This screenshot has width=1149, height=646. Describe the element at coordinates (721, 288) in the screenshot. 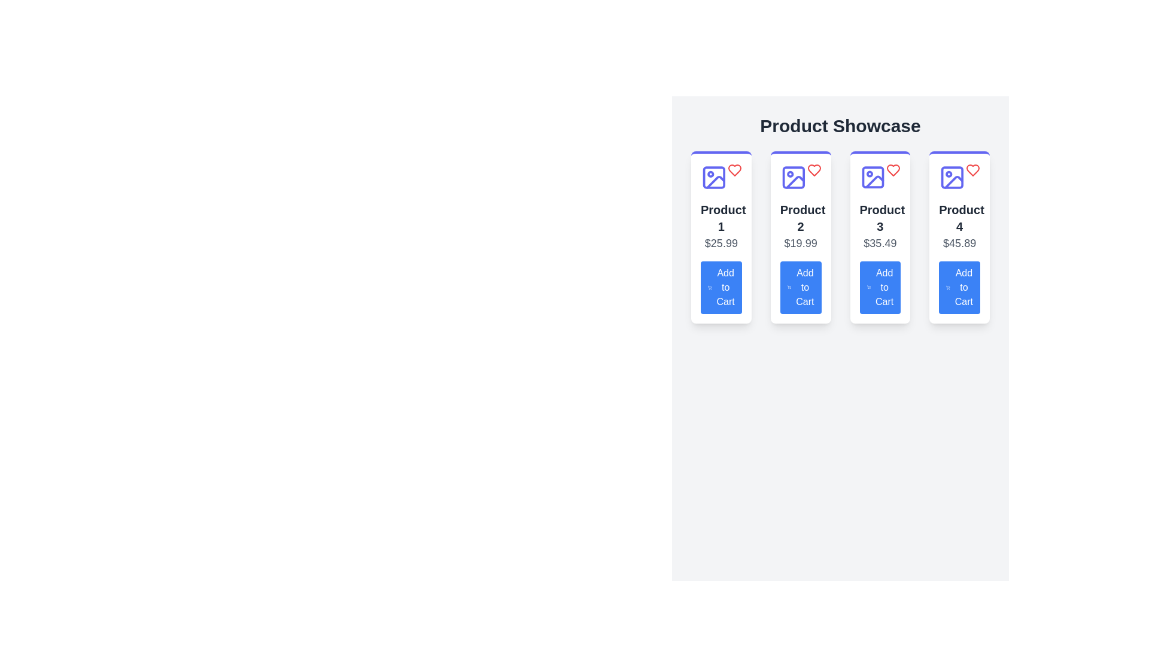

I see `the 'Add to Cart' button for 'Product 1' located at the bottom of the first product card in the leftmost position of the product grid` at that location.